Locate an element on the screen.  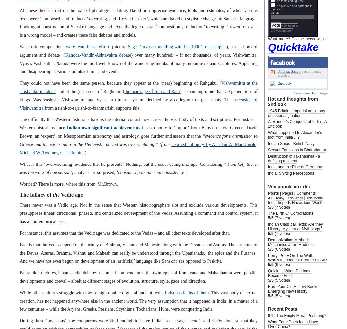
'Fact is that the Vedas depend on the trinity of Brahma, Vishnu and Mahesh; along with the Devatas and Asuras. The structure of the Devas, Asuras, Brahma, Vishnu and Mahesh can really be understood through the Upanishads,  the epics and the Puranas.  And we have not even begun on development of an ‘artificial’ language like Sanskrit  (as opposed to Prakrit).' is located at coordinates (19, 253).